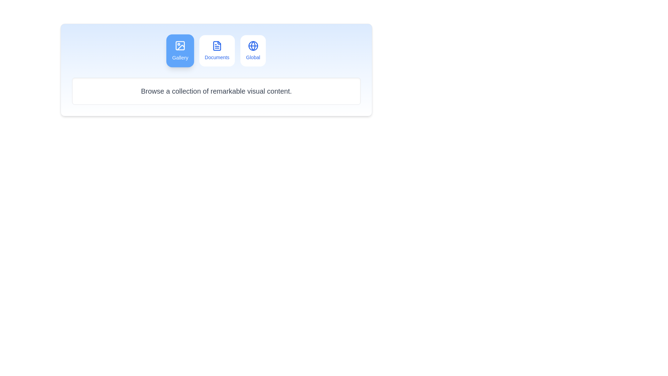 Image resolution: width=668 pixels, height=376 pixels. Describe the element at coordinates (252, 50) in the screenshot. I see `the Global tab` at that location.